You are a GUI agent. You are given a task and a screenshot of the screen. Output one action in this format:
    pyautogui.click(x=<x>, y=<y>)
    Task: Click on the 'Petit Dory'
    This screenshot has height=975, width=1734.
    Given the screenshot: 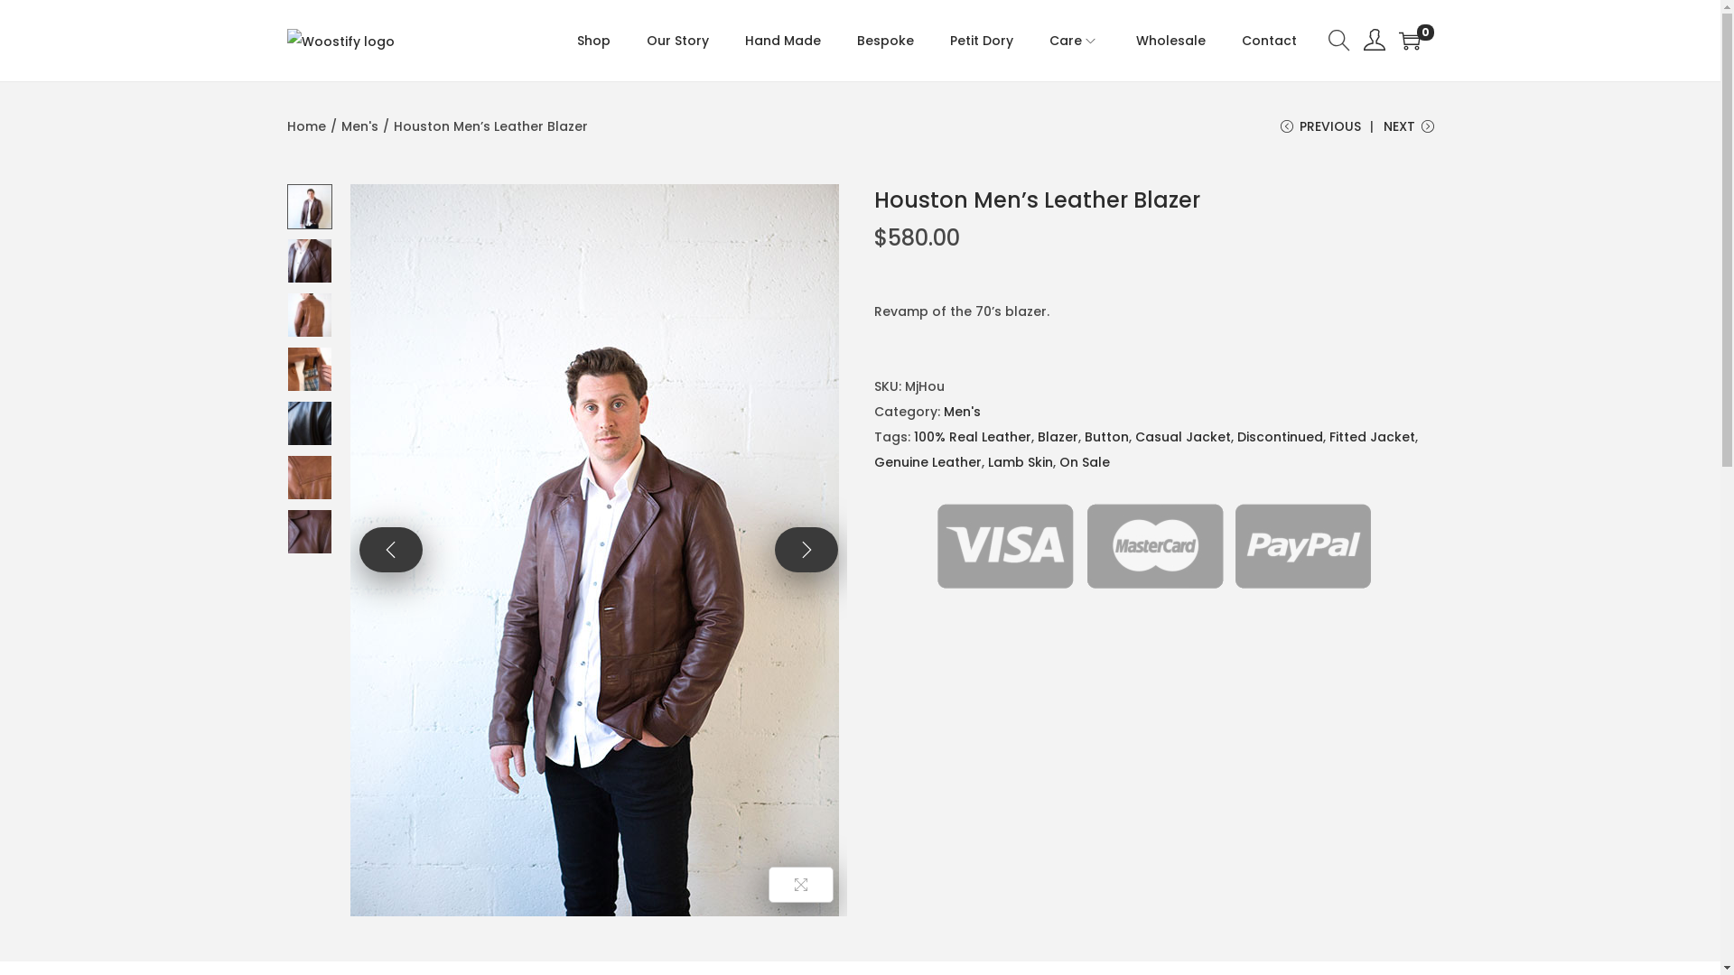 What is the action you would take?
    pyautogui.click(x=980, y=41)
    